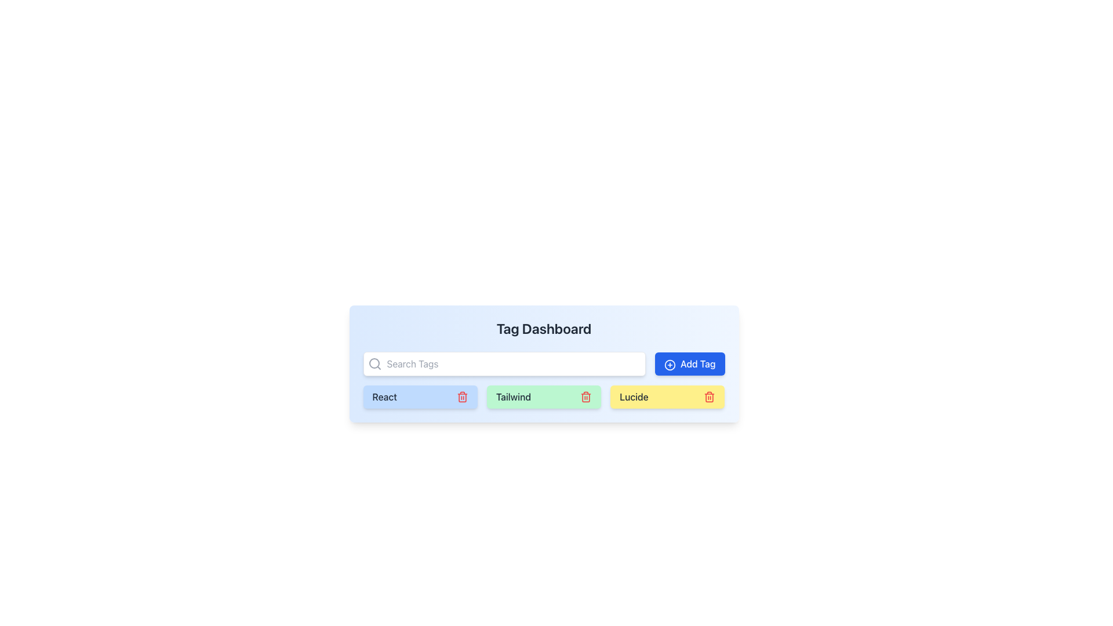 Image resolution: width=1113 pixels, height=626 pixels. I want to click on displayed text of the third tag label indicating the category 'Lucide', located within a horizontally arranged section of tag buttons, so click(633, 396).